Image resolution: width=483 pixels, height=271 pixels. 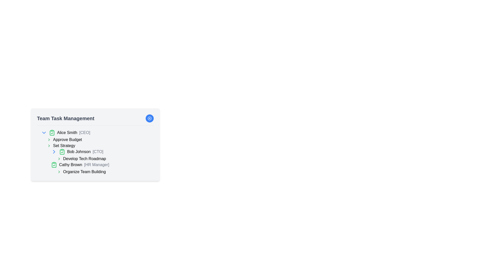 What do you see at coordinates (67, 132) in the screenshot?
I see `the text label identifying 'Alice Smith' in the role-based hierarchy interface, located below the 'Team Task Management' header` at bounding box center [67, 132].